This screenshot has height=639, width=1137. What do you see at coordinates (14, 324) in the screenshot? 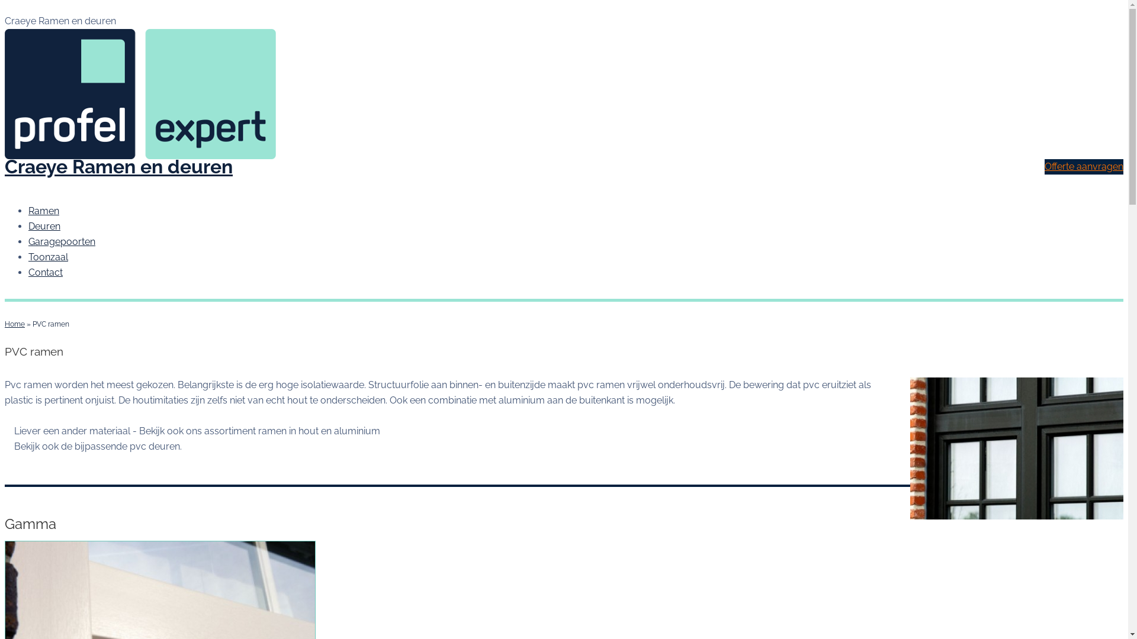
I see `'Home'` at bounding box center [14, 324].